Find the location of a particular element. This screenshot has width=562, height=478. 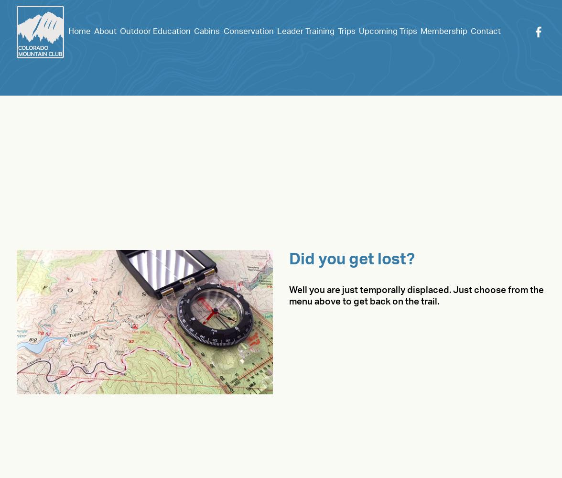

'Leader Training' is located at coordinates (276, 31).